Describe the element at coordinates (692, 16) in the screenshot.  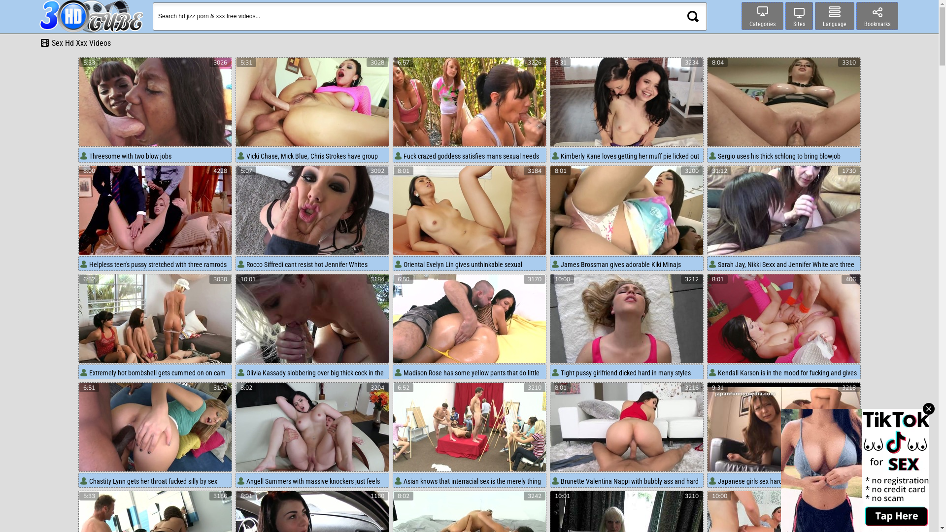
I see `'Search'` at that location.